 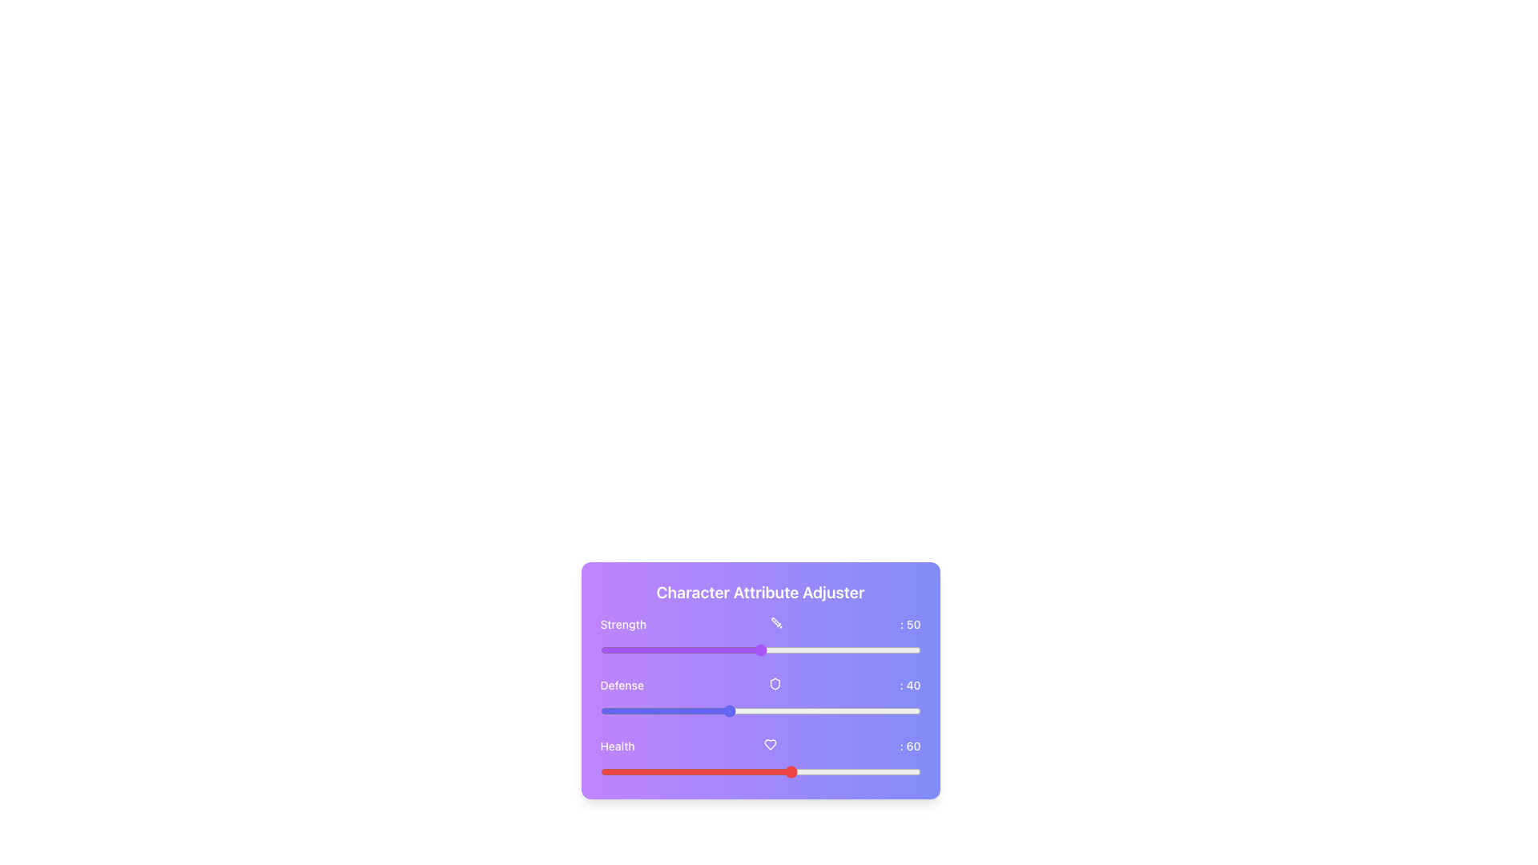 What do you see at coordinates (740, 771) in the screenshot?
I see `the Health slider` at bounding box center [740, 771].